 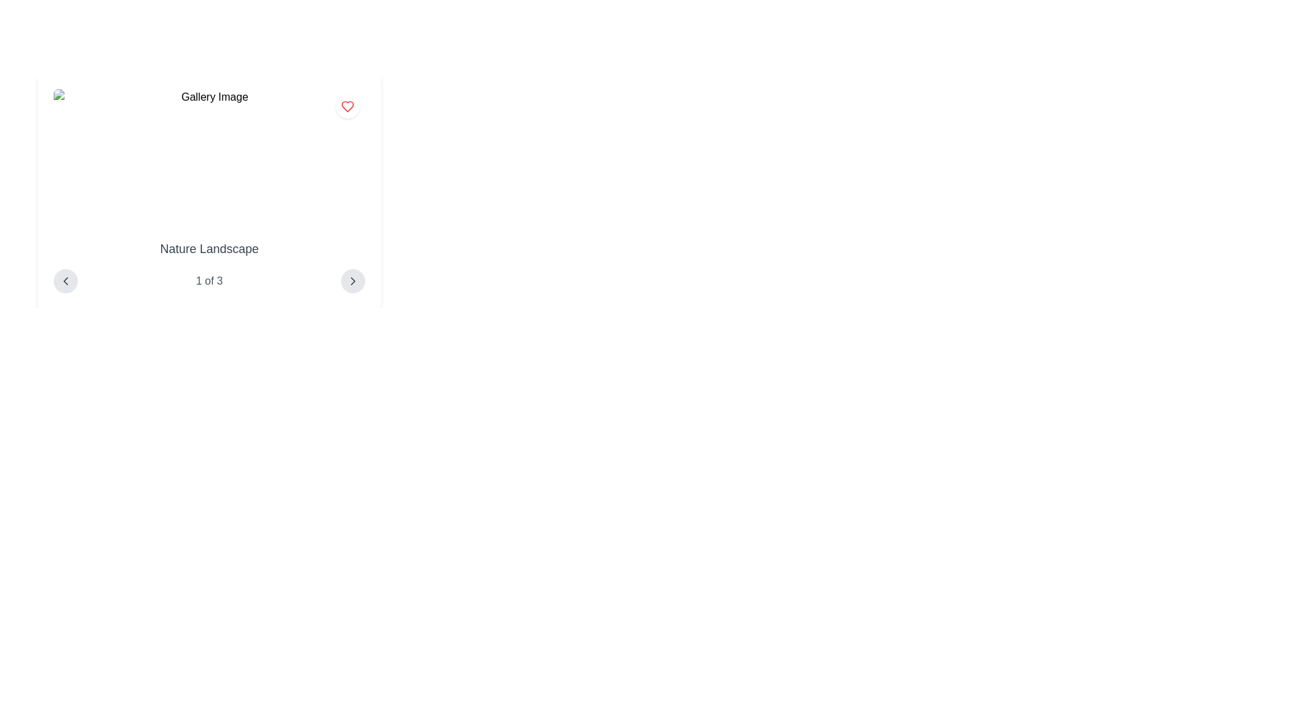 I want to click on the left-pointing chevron icon within the circular button located in the bottom-left corner of the card, so click(x=64, y=281).